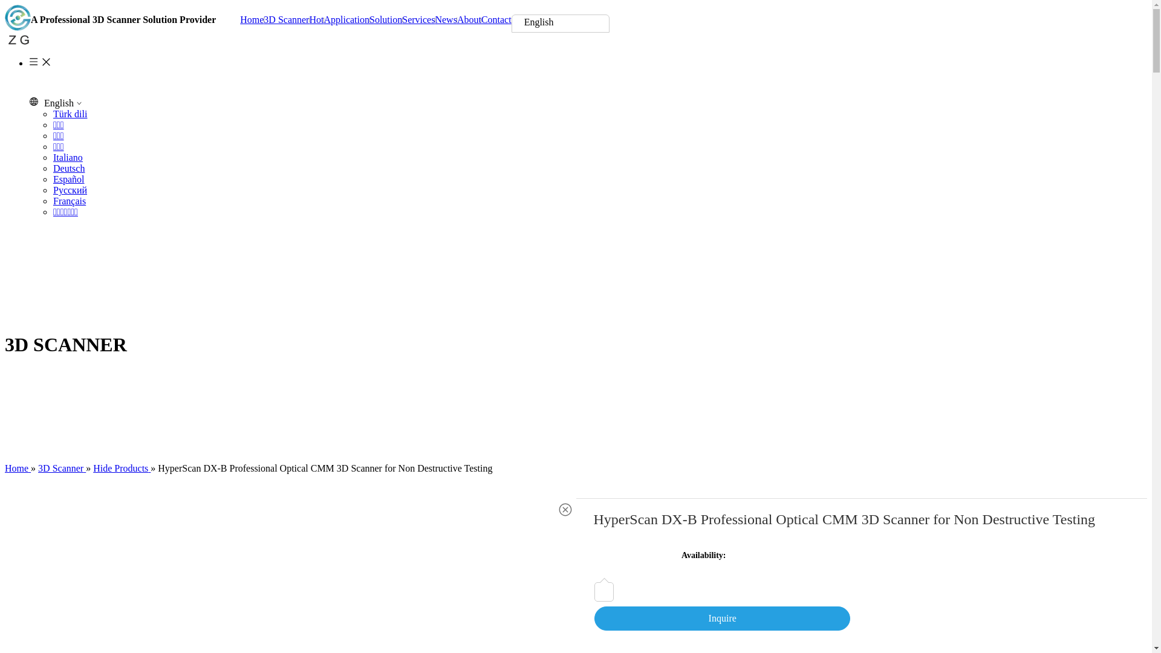 This screenshot has height=653, width=1161. What do you see at coordinates (67, 157) in the screenshot?
I see `'Italiano'` at bounding box center [67, 157].